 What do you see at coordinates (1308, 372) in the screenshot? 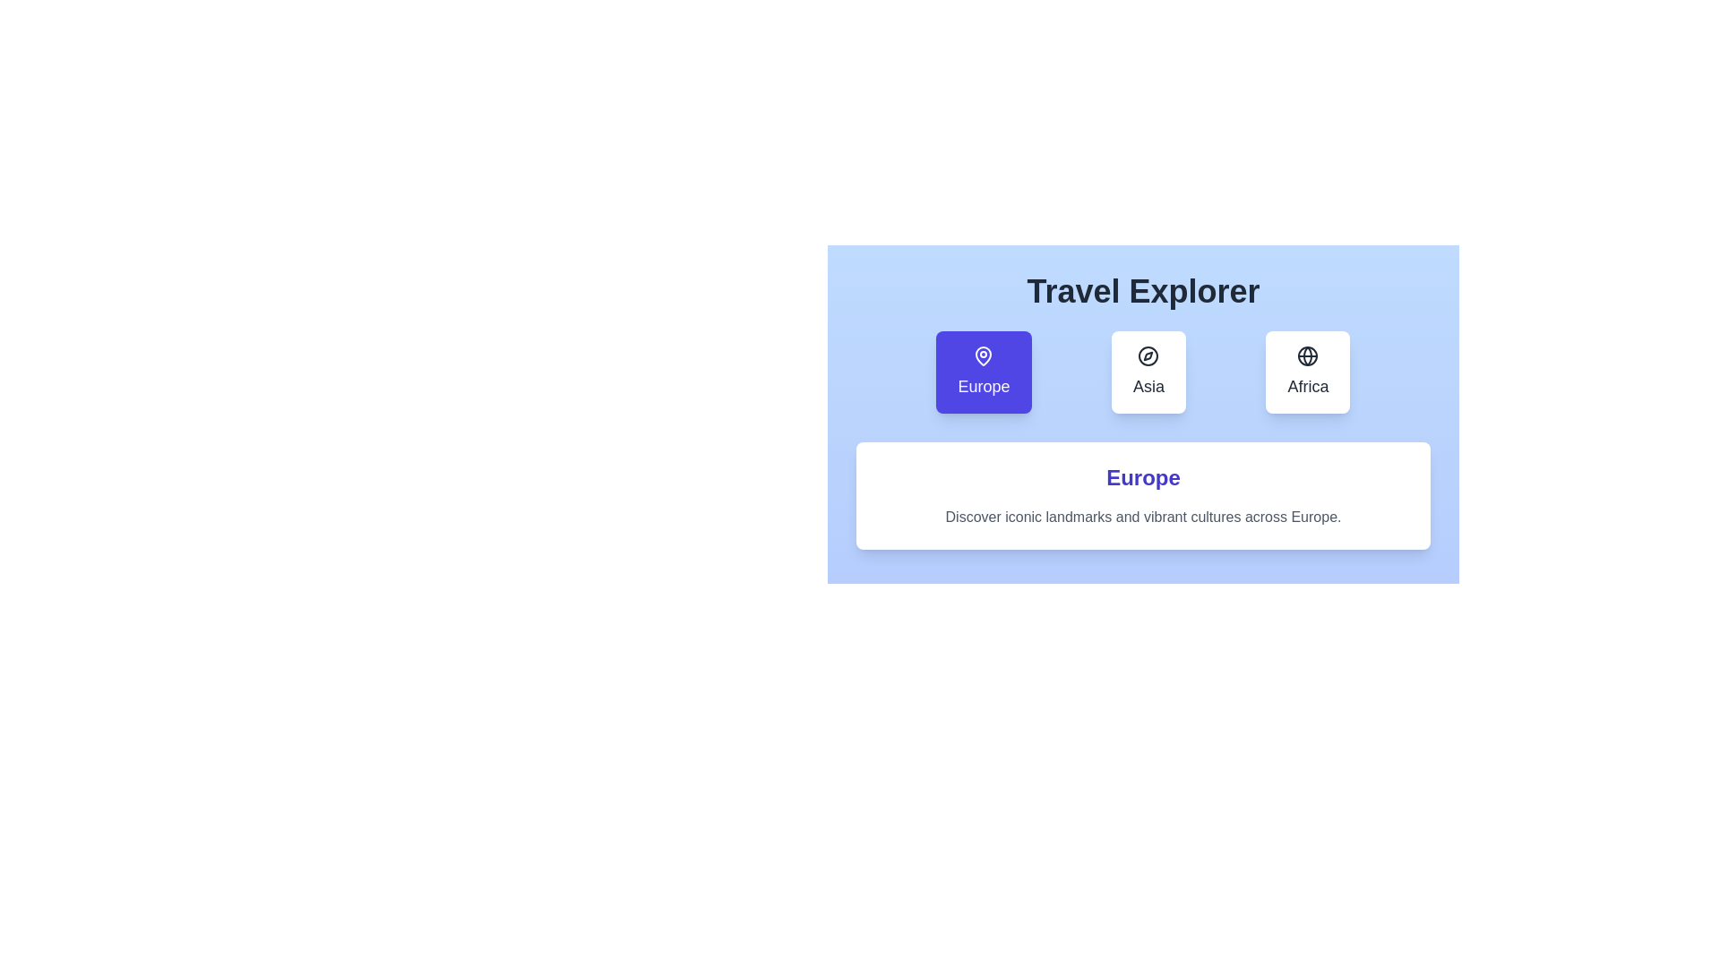
I see `the 'Africa' category button` at bounding box center [1308, 372].